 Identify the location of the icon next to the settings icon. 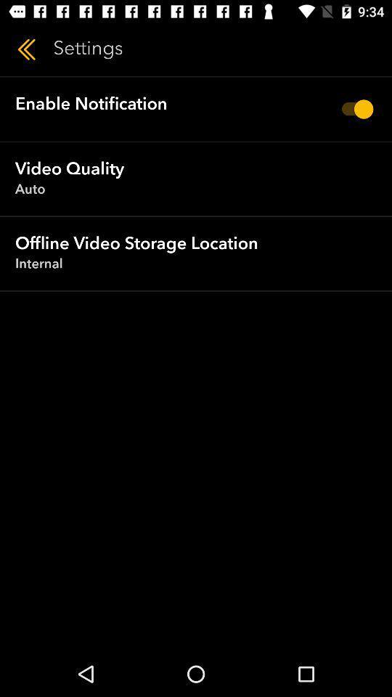
(26, 49).